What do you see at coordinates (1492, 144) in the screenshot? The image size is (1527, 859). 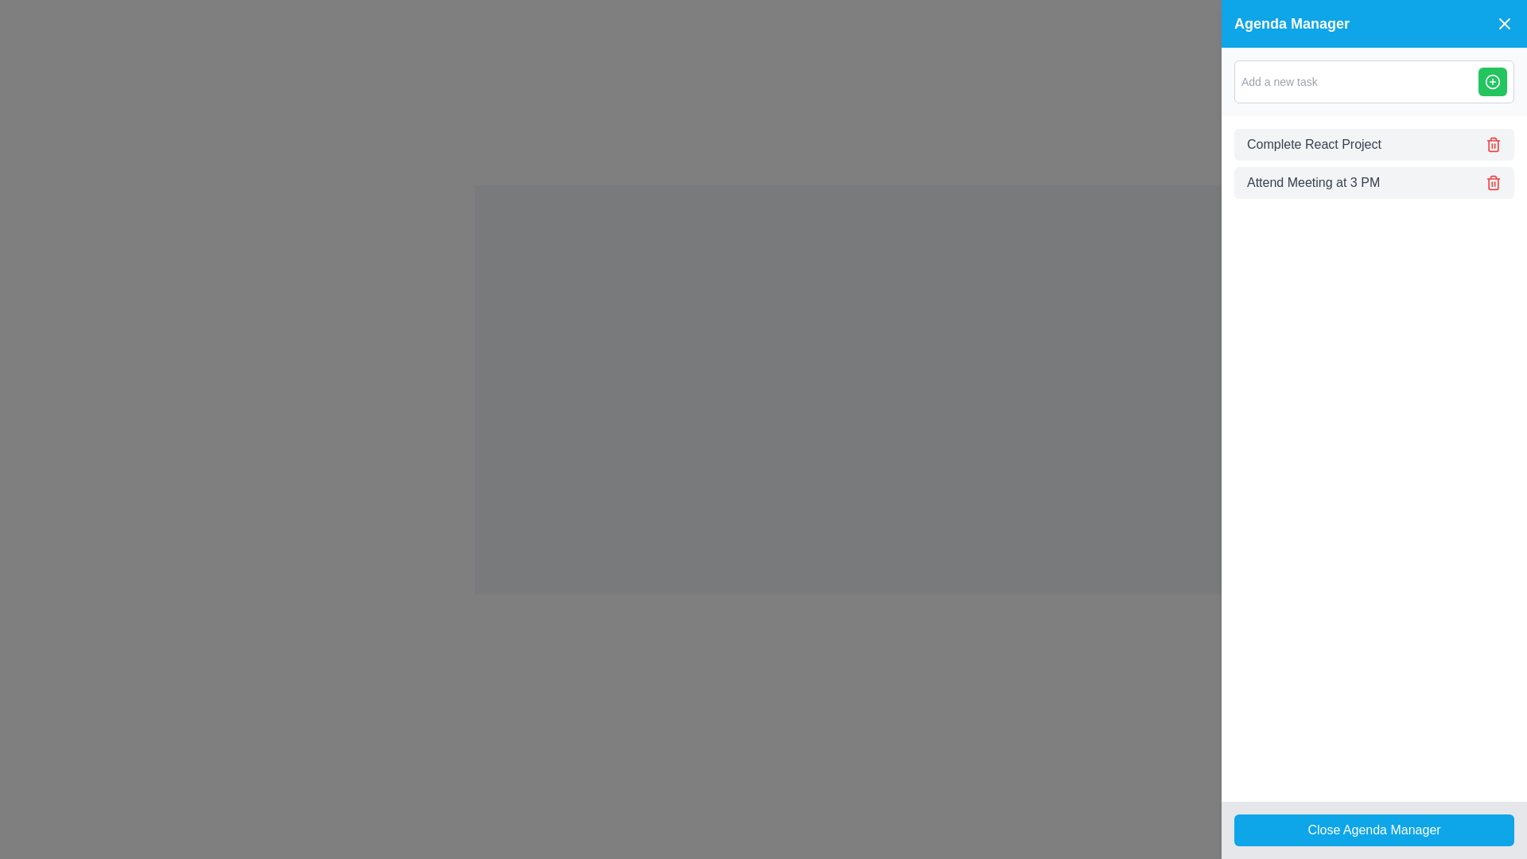 I see `the red trash can icon button adjacent to the task item labeled 'Complete React Project'` at bounding box center [1492, 144].